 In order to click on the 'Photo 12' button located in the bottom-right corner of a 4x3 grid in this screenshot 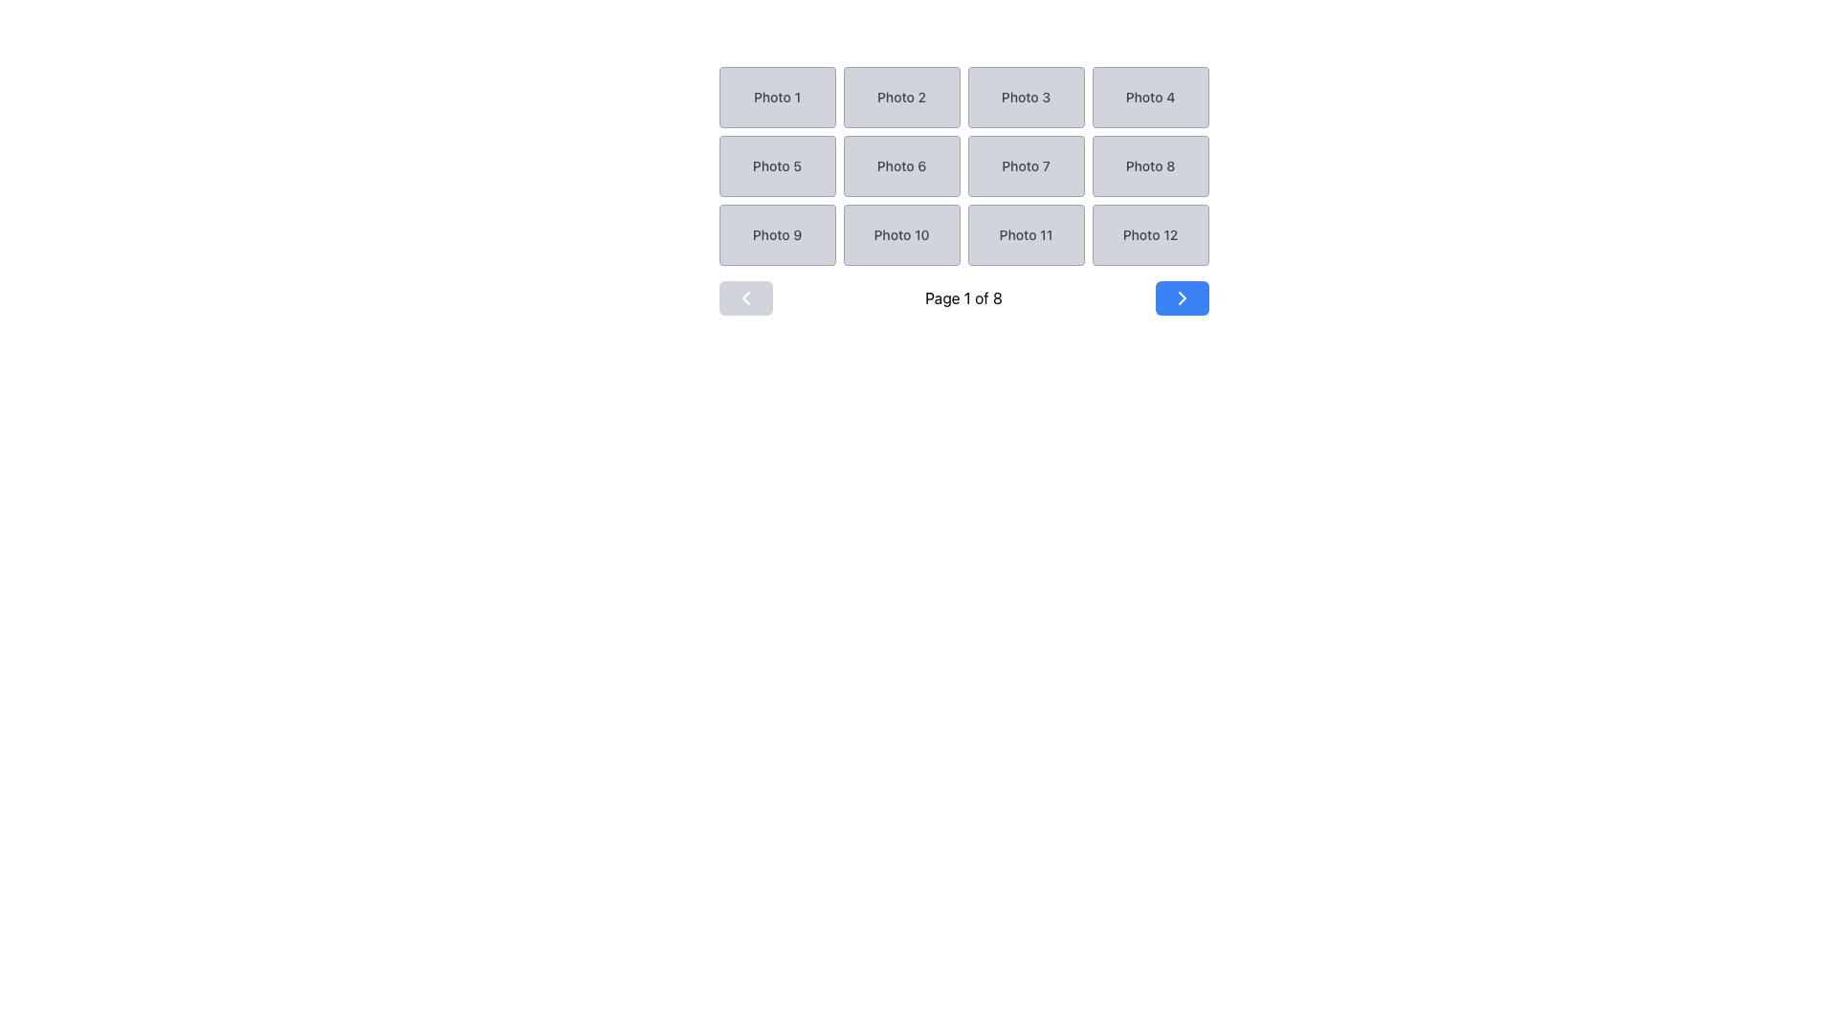, I will do `click(1149, 234)`.